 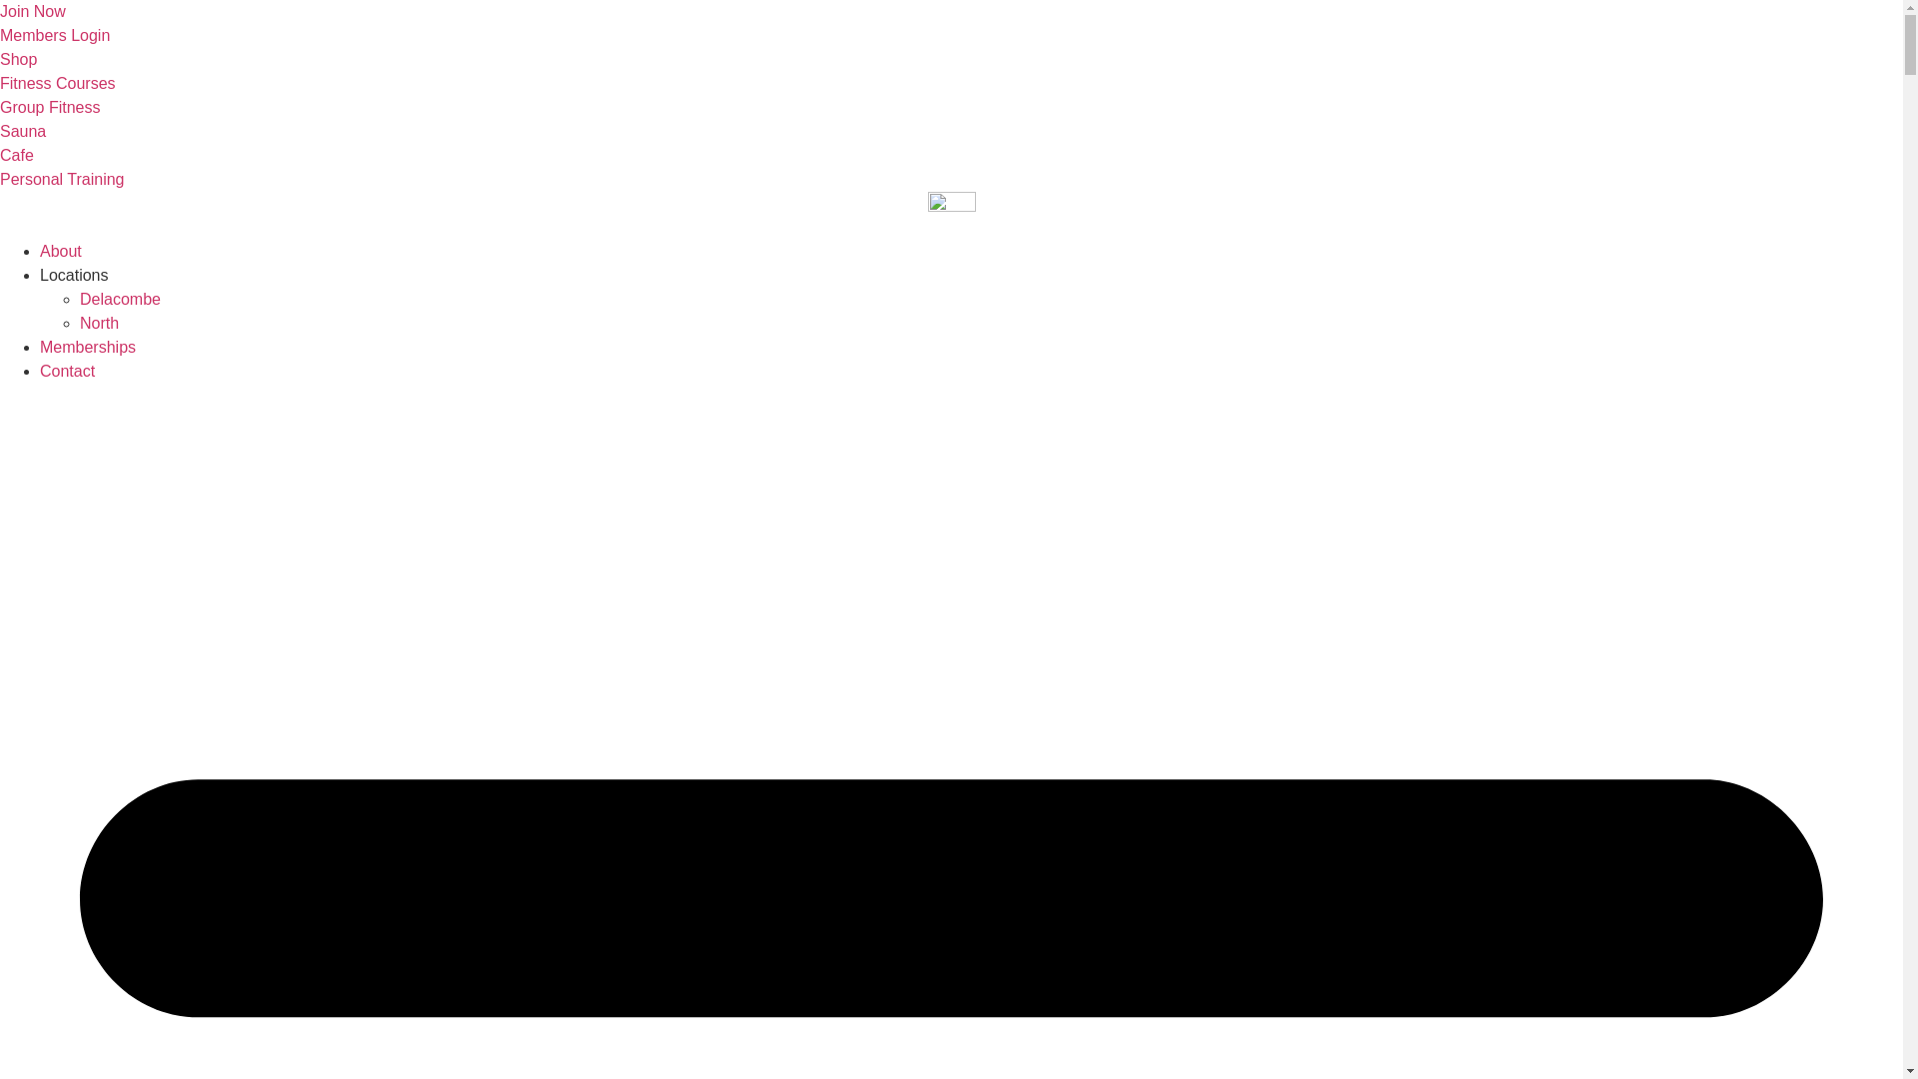 I want to click on 'Sauna', so click(x=23, y=131).